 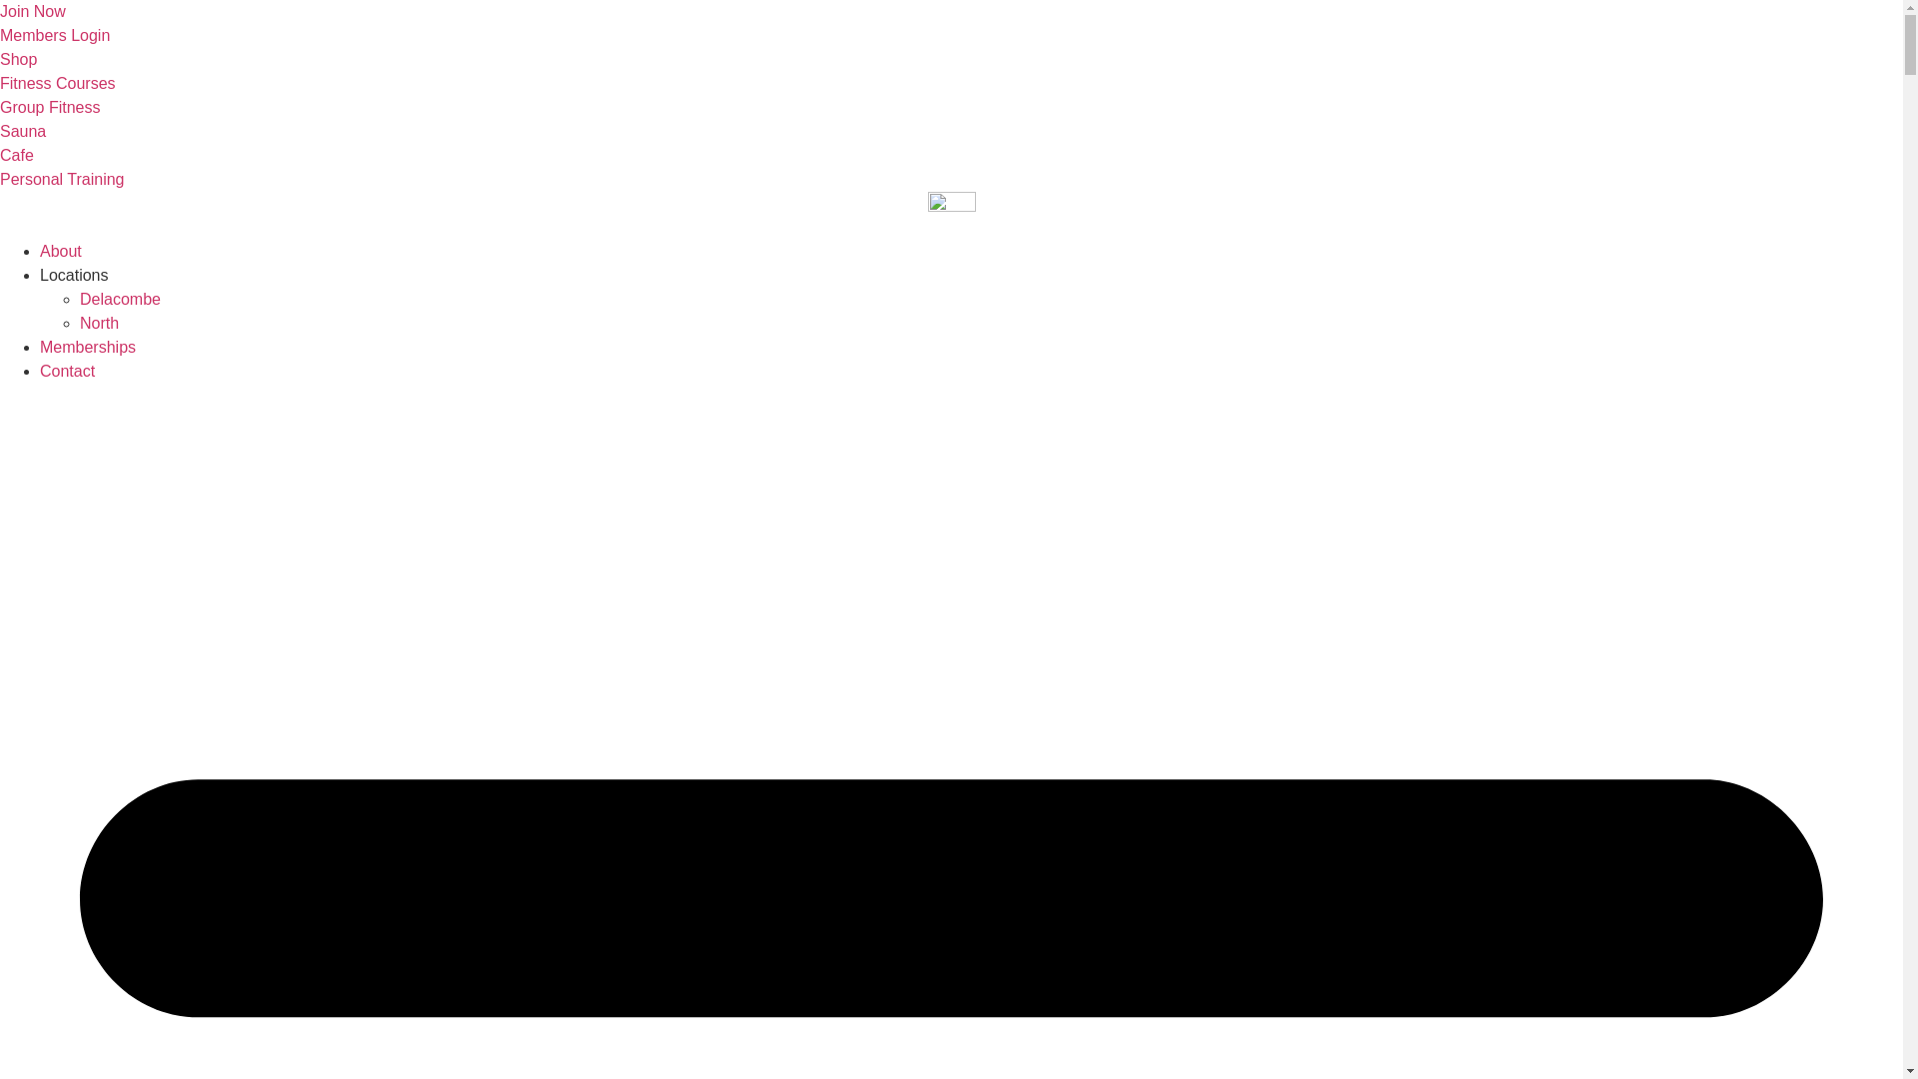 I want to click on 'Sauna', so click(x=23, y=131).